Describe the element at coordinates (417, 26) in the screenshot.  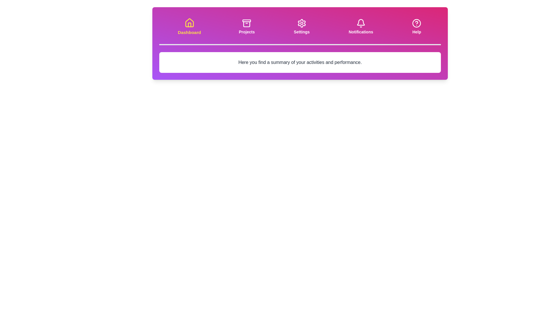
I see `the tab titled 'Help' to observe its icon and title` at that location.